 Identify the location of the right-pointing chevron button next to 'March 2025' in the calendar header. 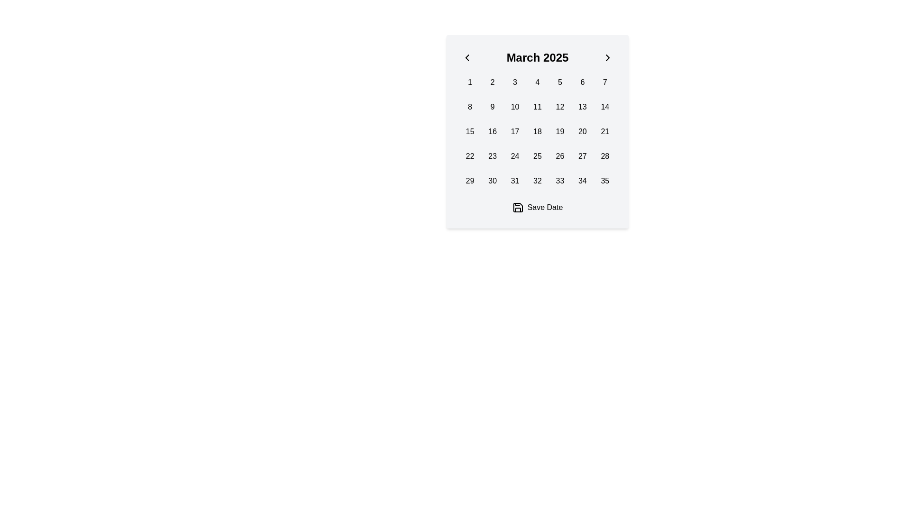
(608, 58).